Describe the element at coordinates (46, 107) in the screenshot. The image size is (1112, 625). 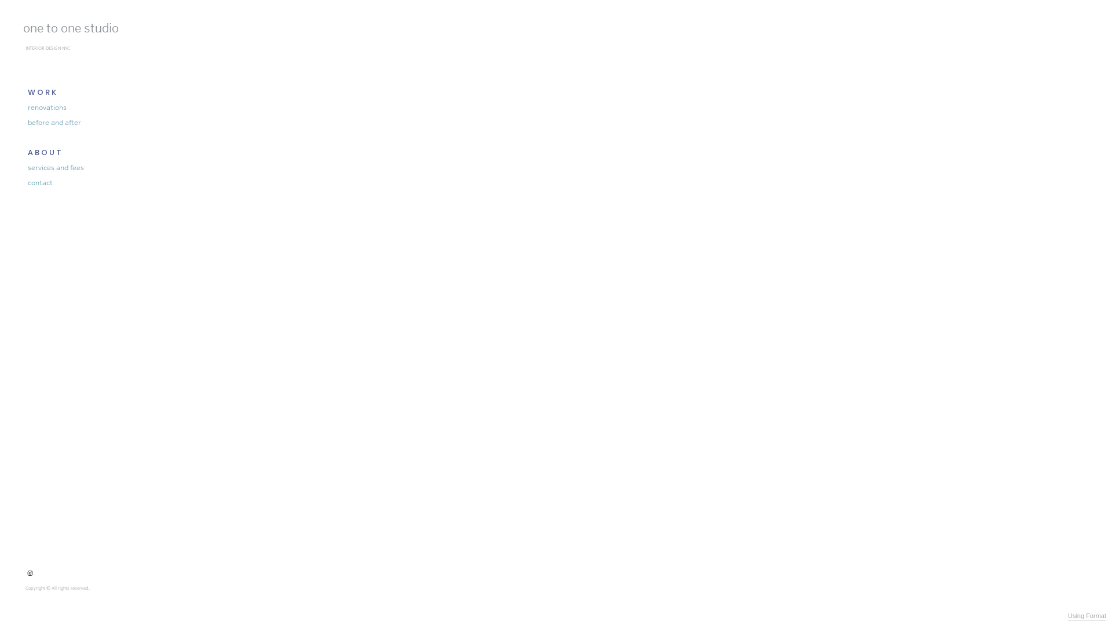
I see `'renovations'` at that location.